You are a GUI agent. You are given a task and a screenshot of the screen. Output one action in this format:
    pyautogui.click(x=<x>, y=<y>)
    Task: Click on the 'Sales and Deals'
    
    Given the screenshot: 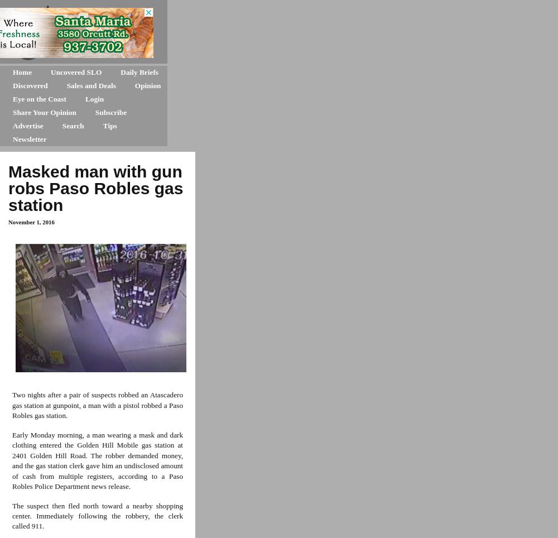 What is the action you would take?
    pyautogui.click(x=66, y=85)
    